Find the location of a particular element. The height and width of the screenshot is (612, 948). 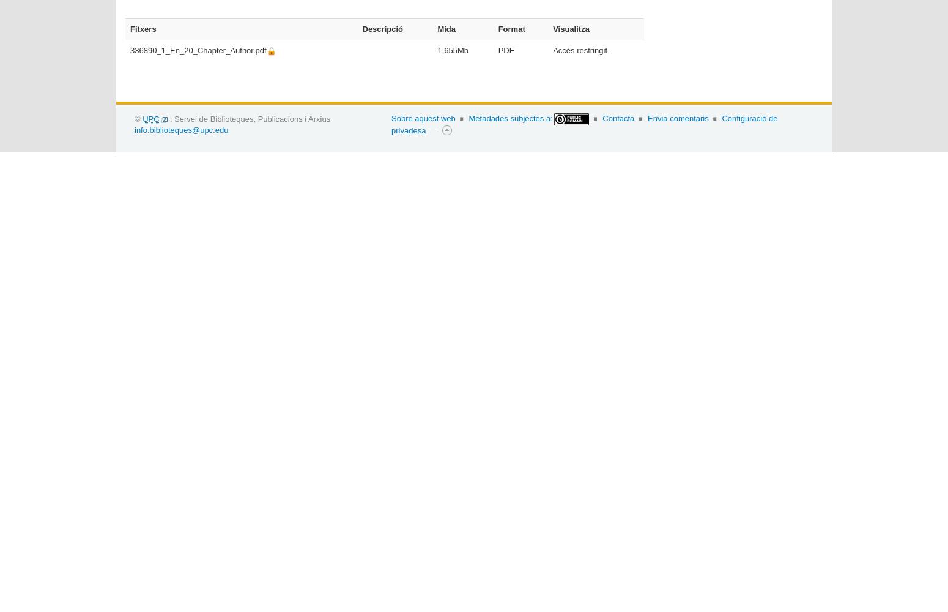

'Sobre aquest web' is located at coordinates (423, 117).